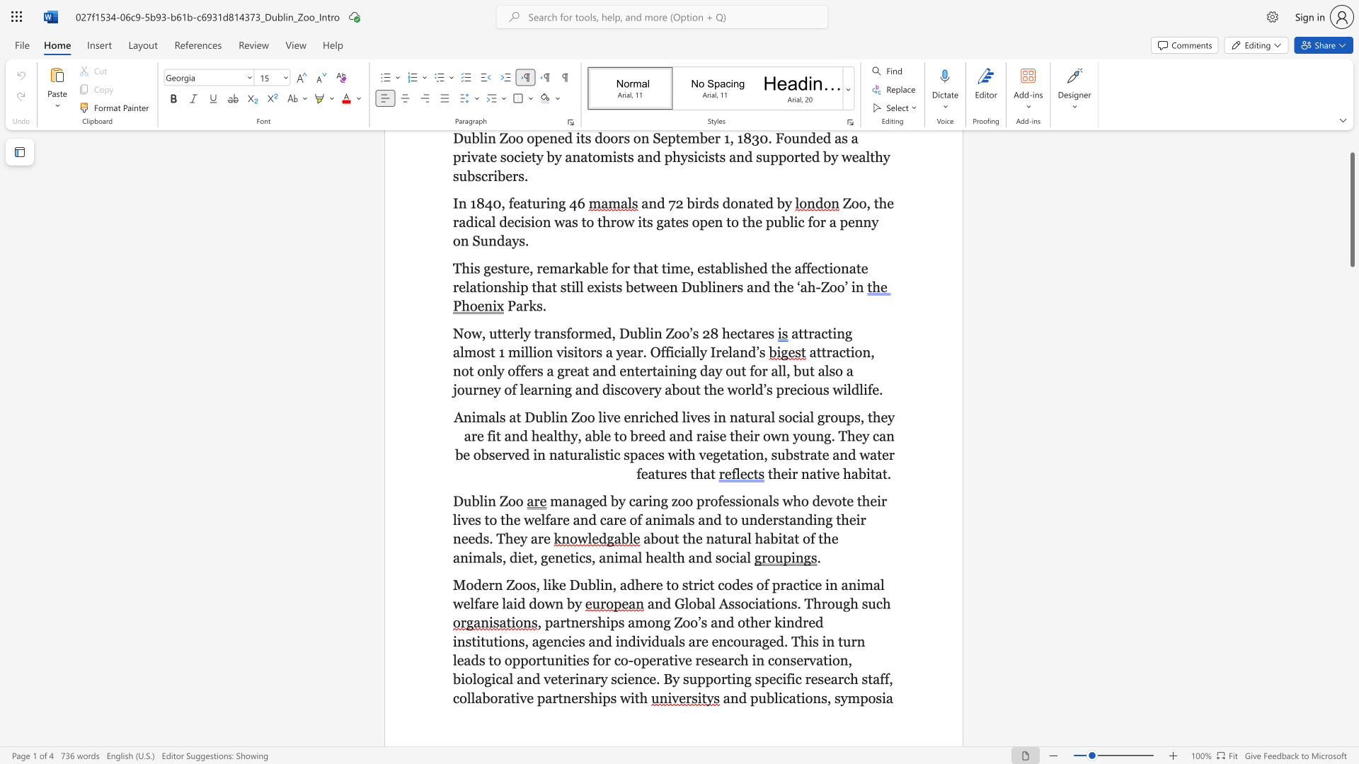  What do you see at coordinates (673, 473) in the screenshot?
I see `the subset text "es" within the text "in naturalistic spaces with vegetation, substrate and water features that"` at bounding box center [673, 473].